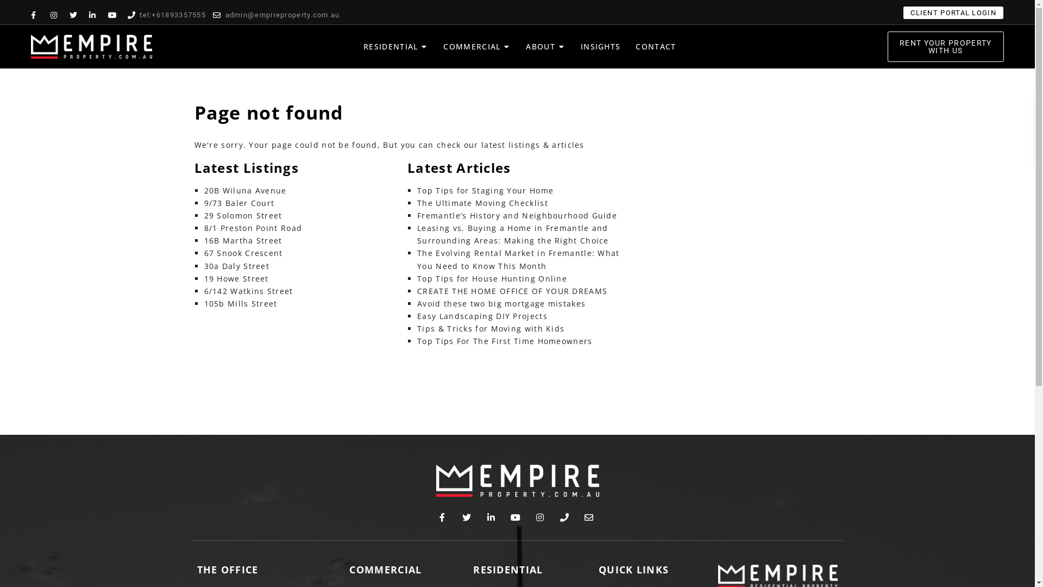 Image resolution: width=1043 pixels, height=587 pixels. Describe the element at coordinates (417, 316) in the screenshot. I see `'Easy Landscaping DIY Projects'` at that location.